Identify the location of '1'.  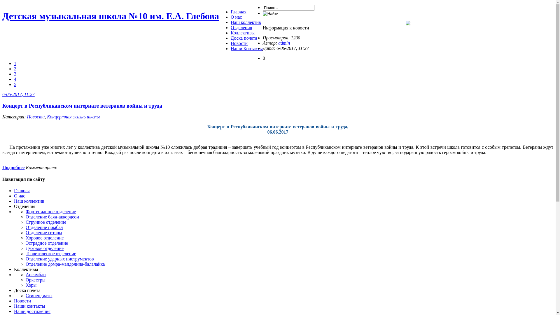
(15, 63).